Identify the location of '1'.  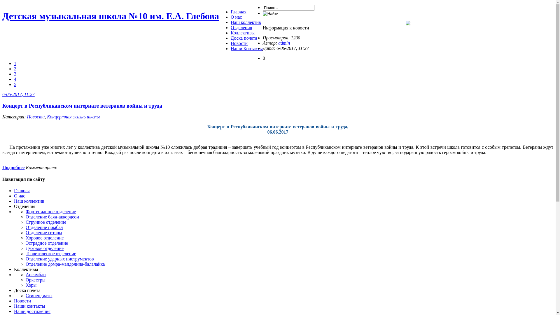
(15, 63).